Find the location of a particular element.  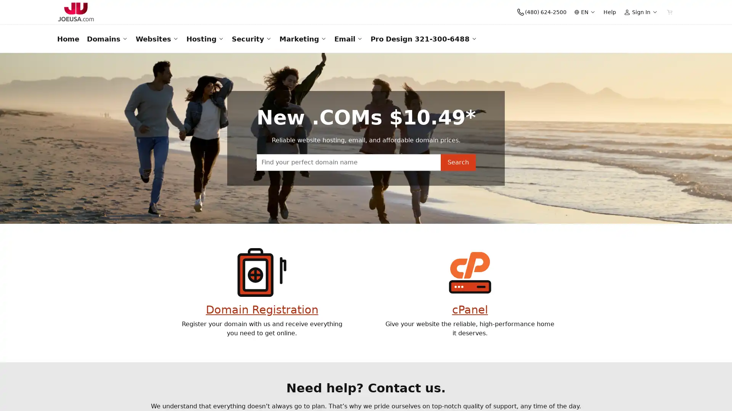

Manage Settings is located at coordinates (614, 393).